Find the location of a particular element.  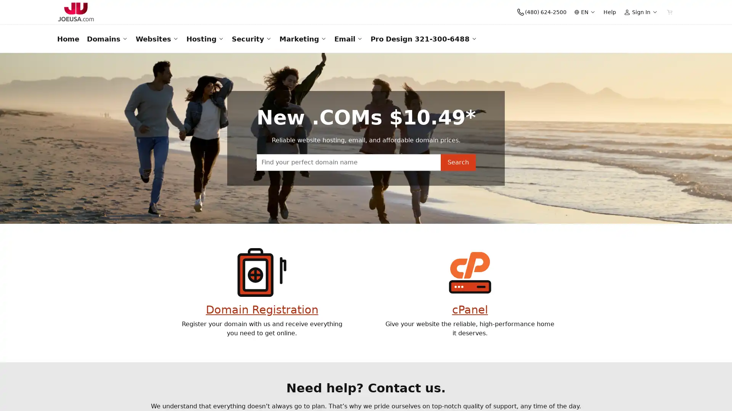

Manage Settings is located at coordinates (614, 393).